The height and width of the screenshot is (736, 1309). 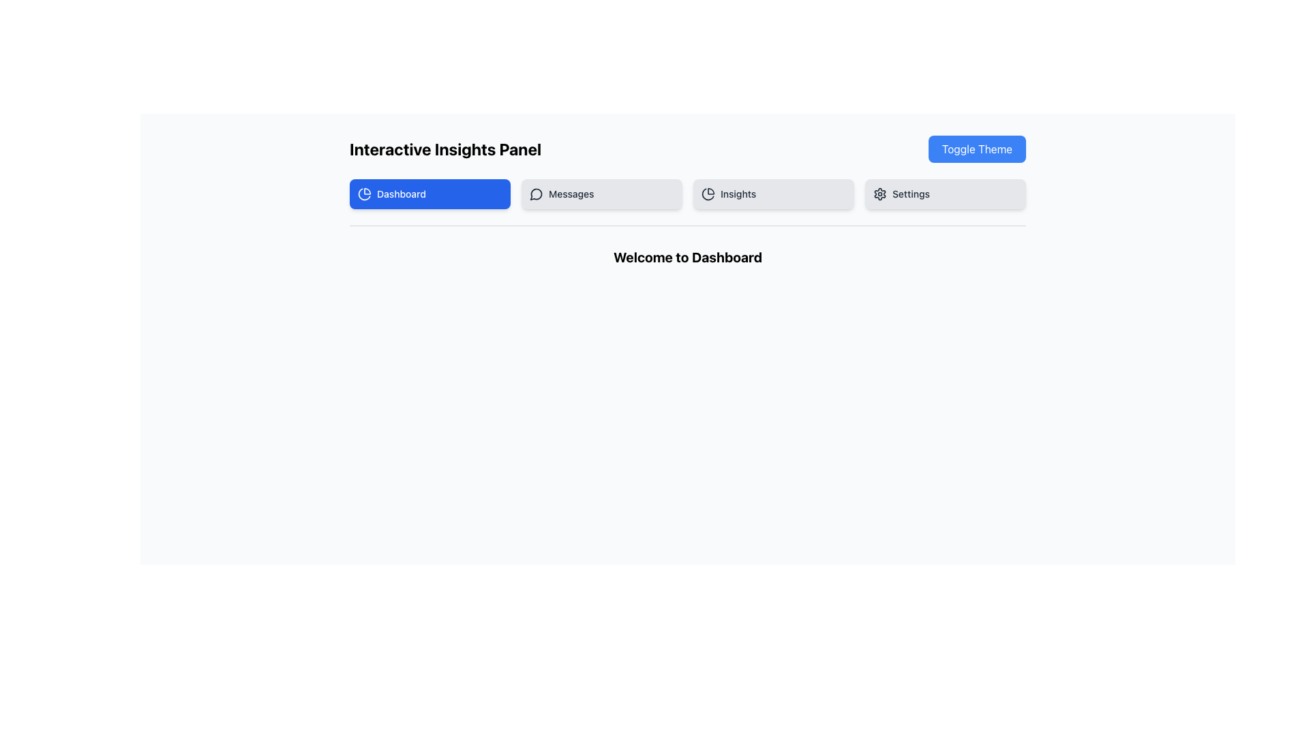 What do you see at coordinates (687, 258) in the screenshot?
I see `the Text Label that provides a greeting or header for the dashboard content area, located below the navigation menu` at bounding box center [687, 258].